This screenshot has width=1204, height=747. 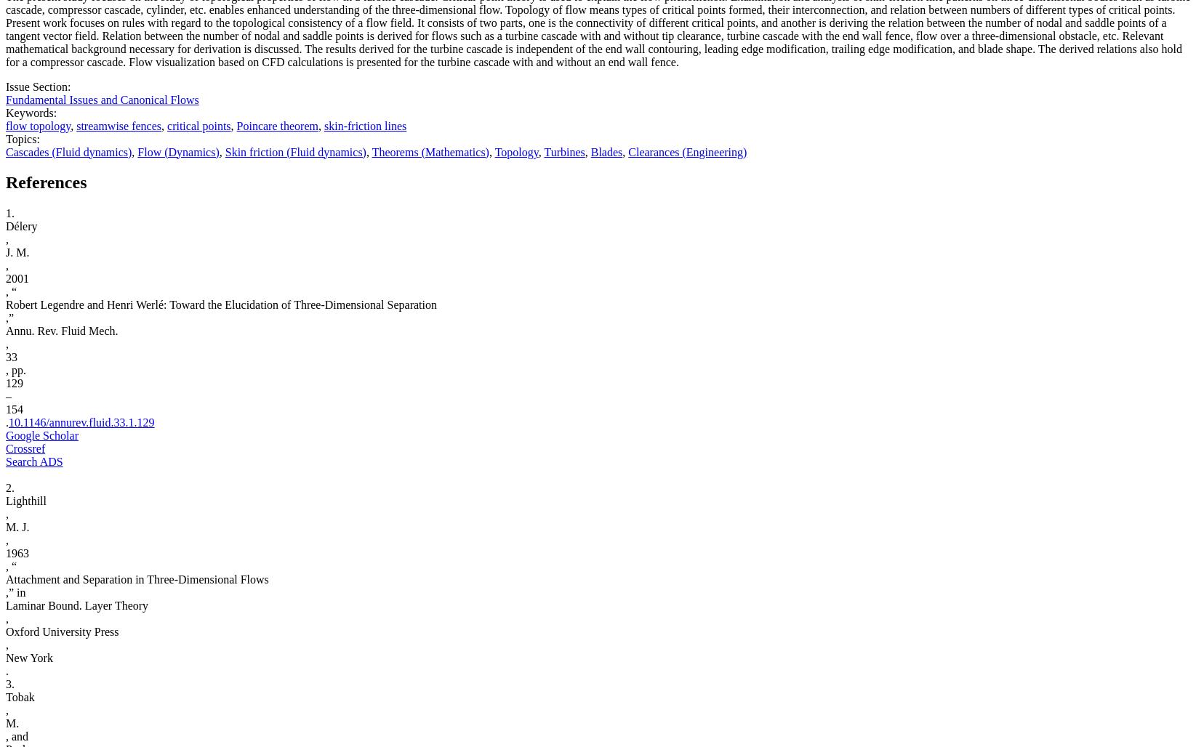 What do you see at coordinates (11, 356) in the screenshot?
I see `'33'` at bounding box center [11, 356].